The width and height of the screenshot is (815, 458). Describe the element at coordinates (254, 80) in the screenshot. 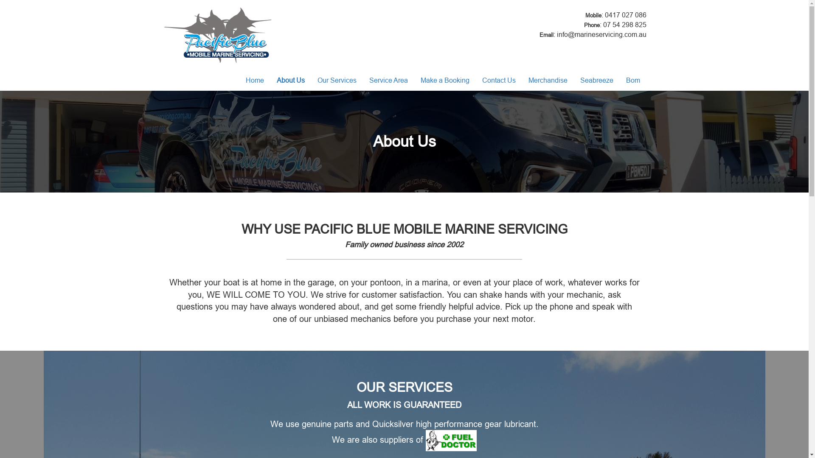

I see `'Home'` at that location.